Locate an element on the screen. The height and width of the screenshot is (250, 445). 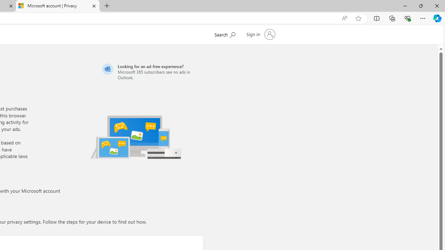
'Add this page to favorites (Ctrl+D)' is located at coordinates (358, 18).